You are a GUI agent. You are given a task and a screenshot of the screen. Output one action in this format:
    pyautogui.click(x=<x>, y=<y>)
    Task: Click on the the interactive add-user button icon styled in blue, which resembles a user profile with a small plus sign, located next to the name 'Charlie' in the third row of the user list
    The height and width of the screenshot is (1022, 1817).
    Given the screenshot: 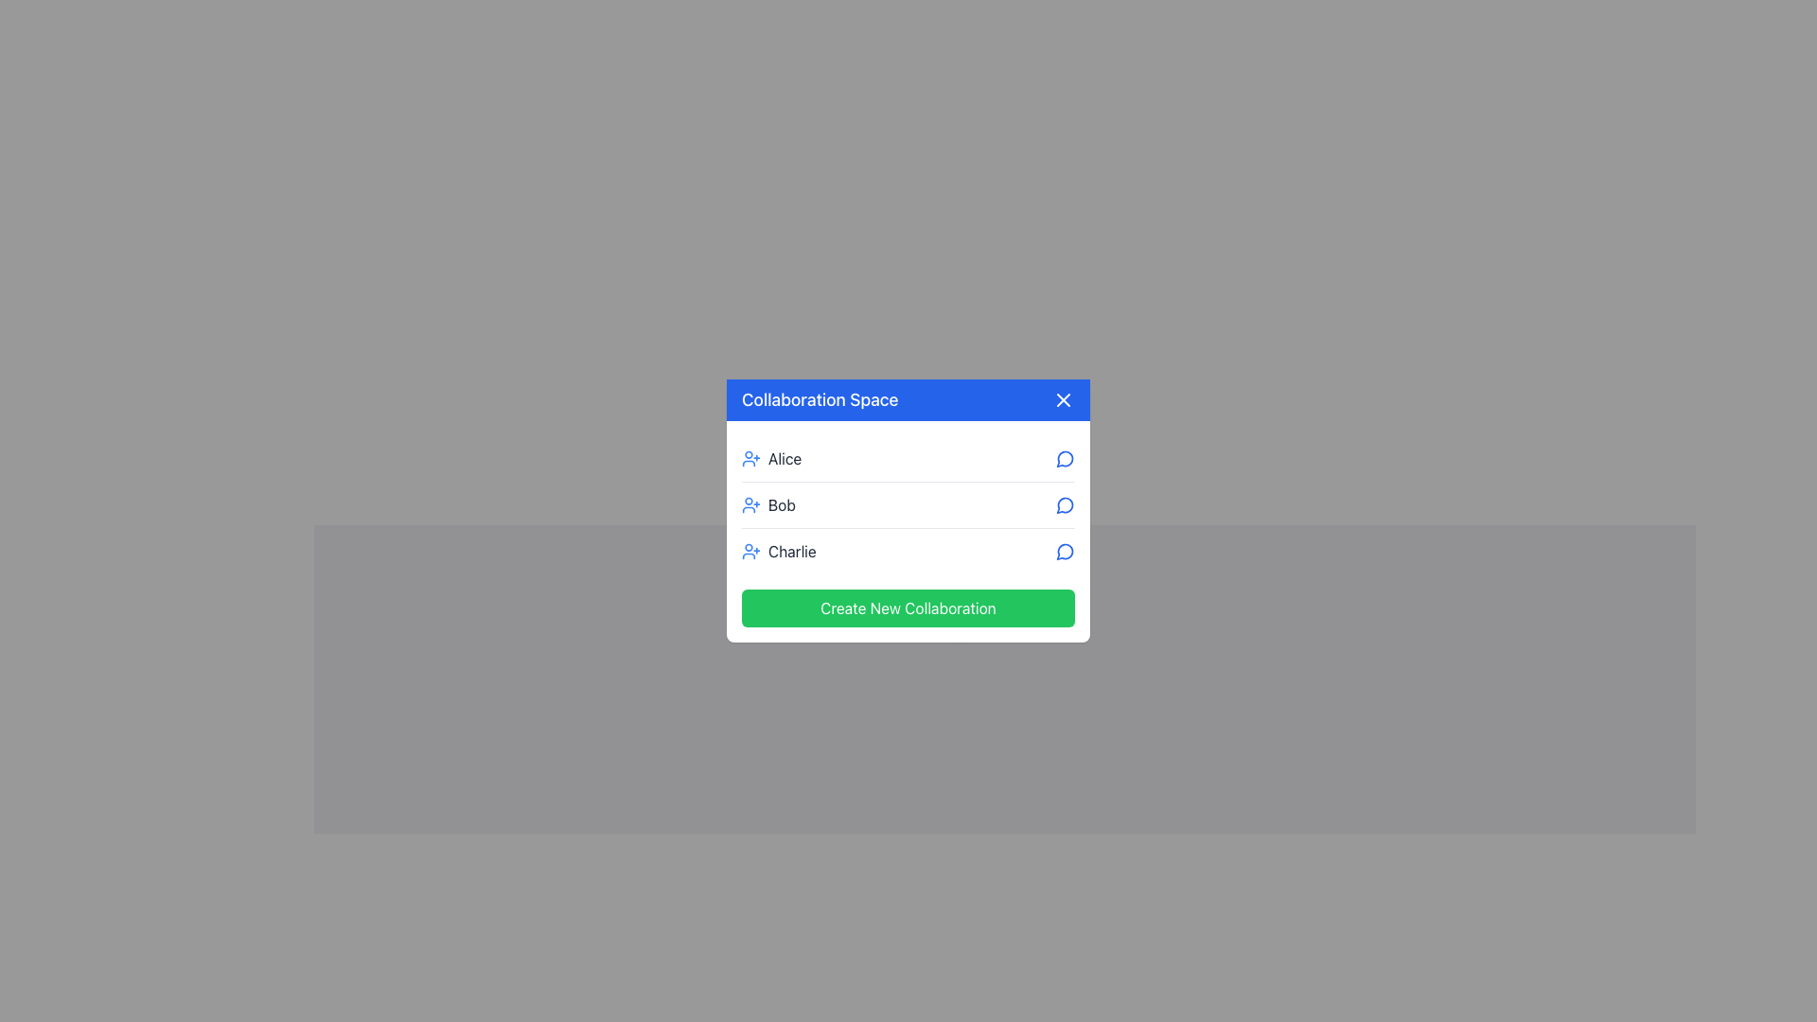 What is the action you would take?
    pyautogui.click(x=750, y=551)
    